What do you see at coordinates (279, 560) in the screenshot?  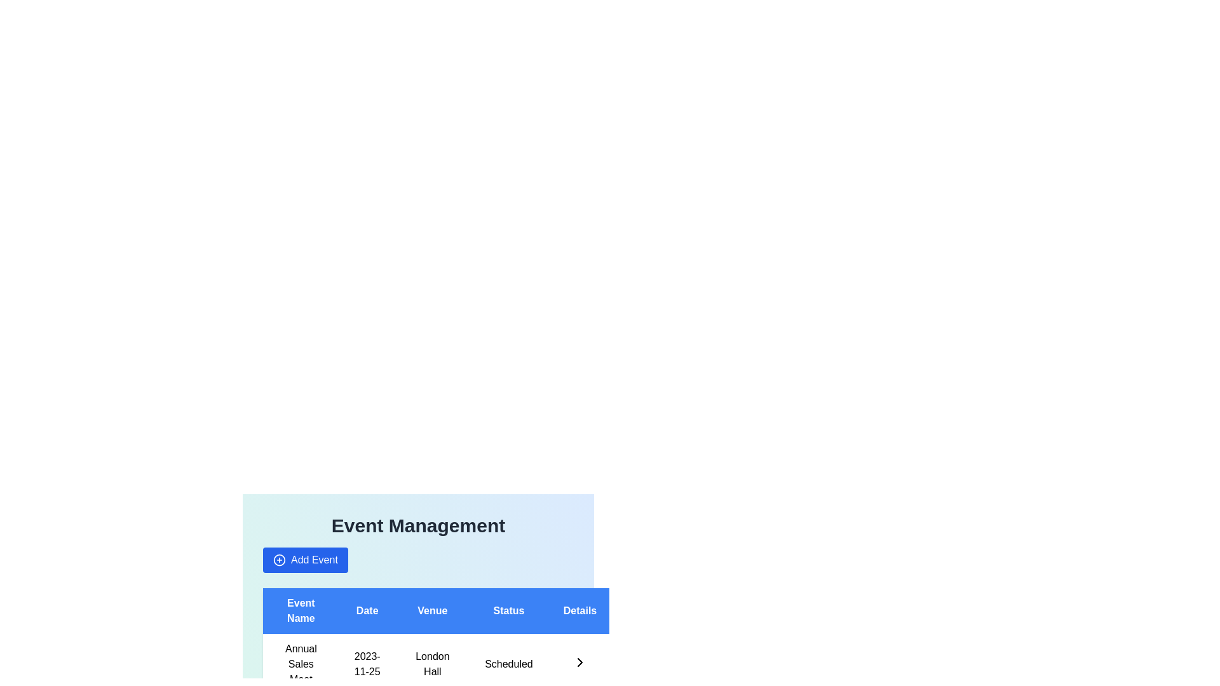 I see `the icon within the 'Add Event' button, which symbolizes the action of adding a new event, located to the left of the button text` at bounding box center [279, 560].